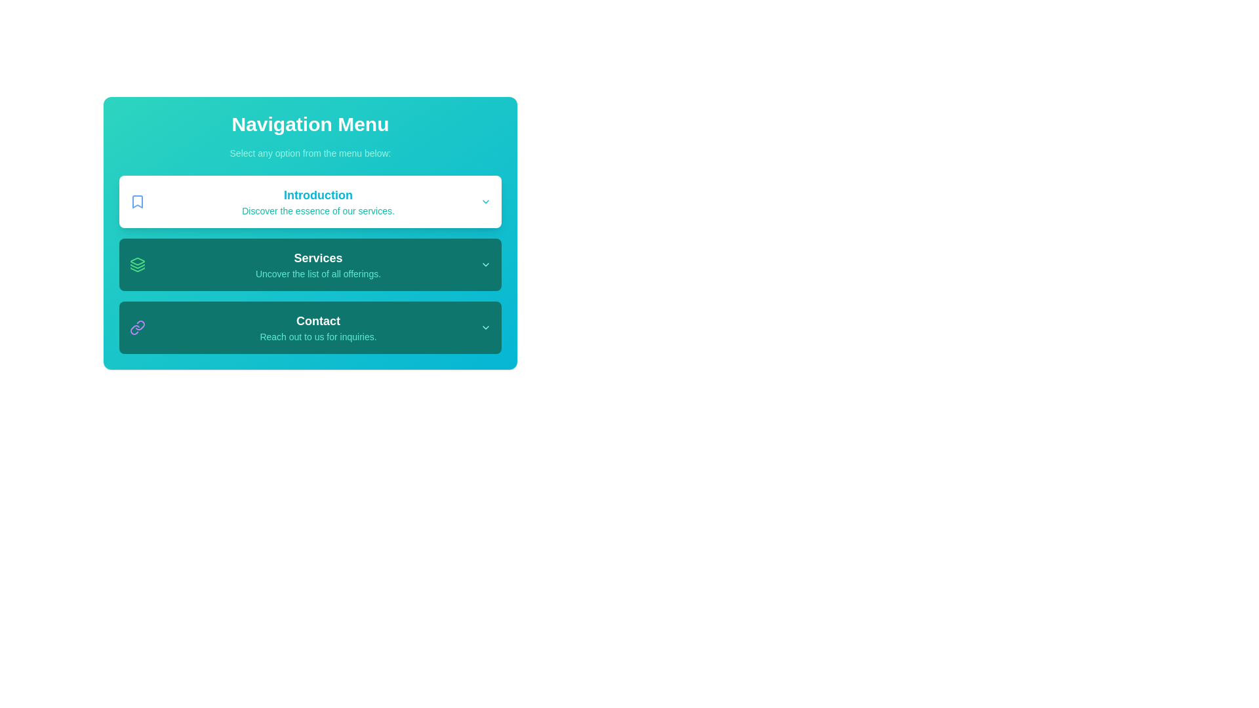 The image size is (1259, 708). Describe the element at coordinates (310, 327) in the screenshot. I see `the header of the Interactive navigation option, which is the third section in a vertical list` at that location.